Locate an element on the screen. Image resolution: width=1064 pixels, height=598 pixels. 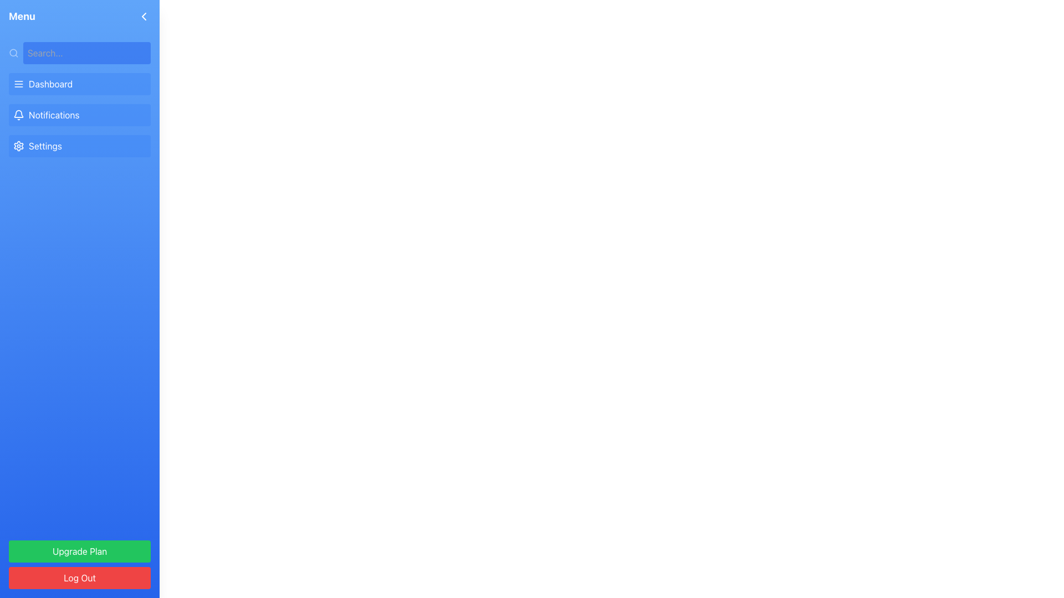
the notifications menu button, which is the second item in the vertical list on the left side of the interface is located at coordinates (79, 115).